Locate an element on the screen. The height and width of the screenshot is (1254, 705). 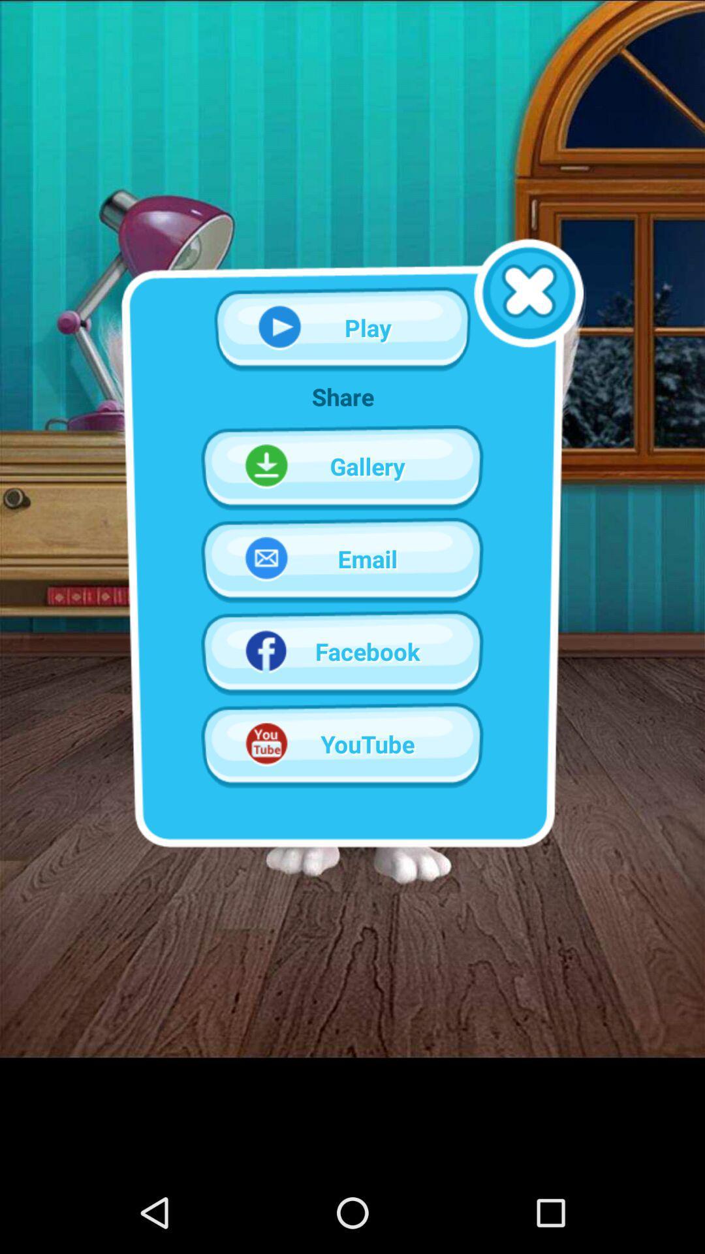
closes the pop-up is located at coordinates (529, 293).